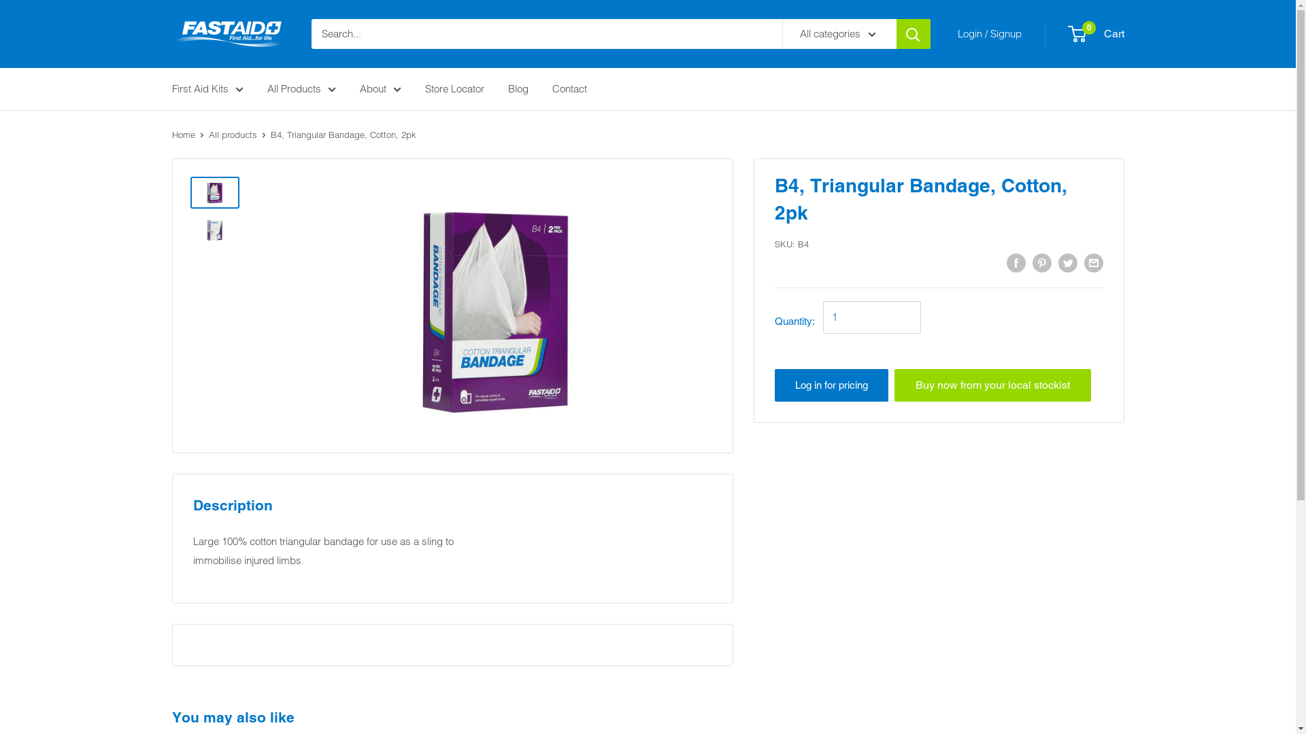 This screenshot has height=734, width=1306. What do you see at coordinates (171, 134) in the screenshot?
I see `'Home'` at bounding box center [171, 134].